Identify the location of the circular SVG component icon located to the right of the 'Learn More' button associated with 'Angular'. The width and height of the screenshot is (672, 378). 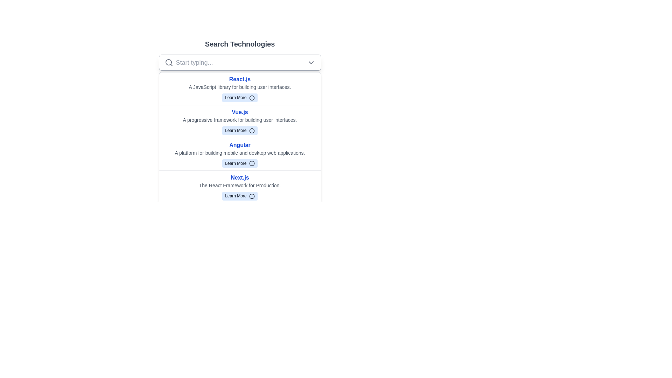
(252, 163).